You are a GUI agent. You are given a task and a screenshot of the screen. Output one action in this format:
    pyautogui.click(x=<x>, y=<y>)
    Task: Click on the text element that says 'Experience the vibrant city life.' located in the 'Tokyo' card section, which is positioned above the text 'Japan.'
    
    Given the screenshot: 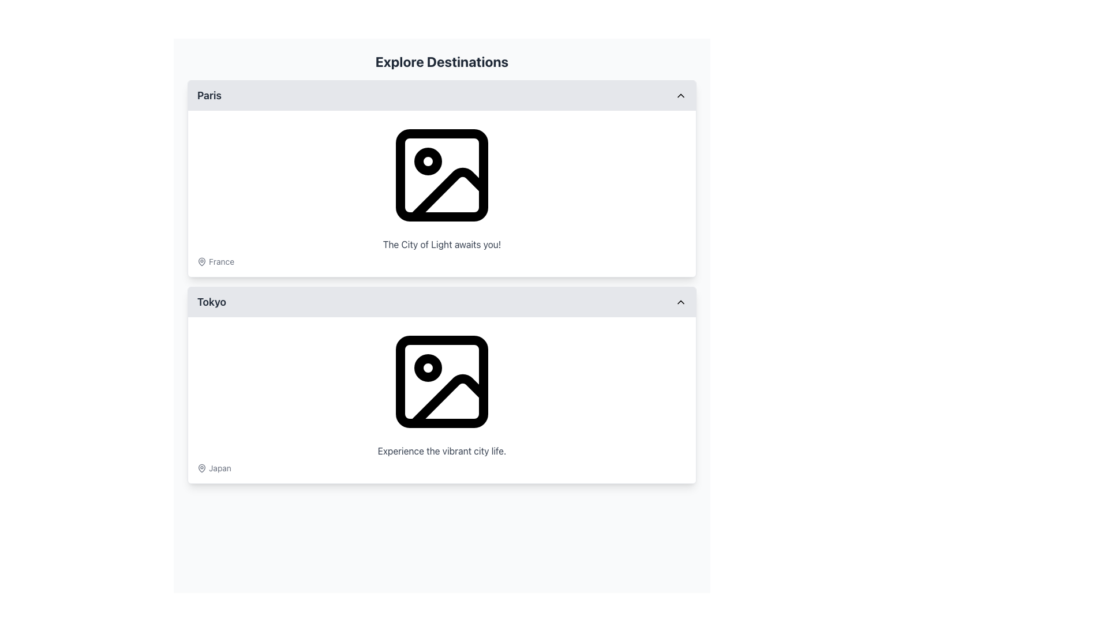 What is the action you would take?
    pyautogui.click(x=441, y=451)
    